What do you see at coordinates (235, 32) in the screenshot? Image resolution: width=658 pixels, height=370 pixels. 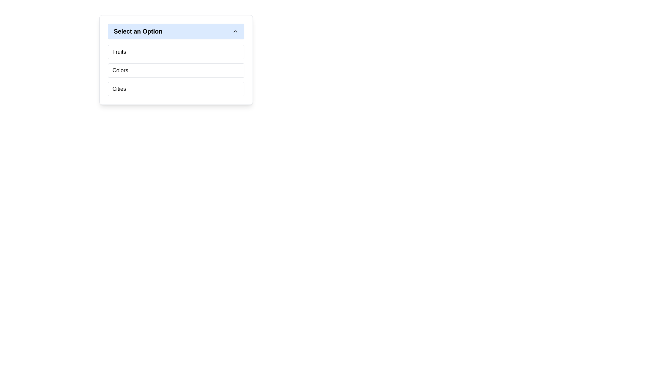 I see `the upward-facing chevron icon located at the far right of the 'Select an Option' dropdown header` at bounding box center [235, 32].